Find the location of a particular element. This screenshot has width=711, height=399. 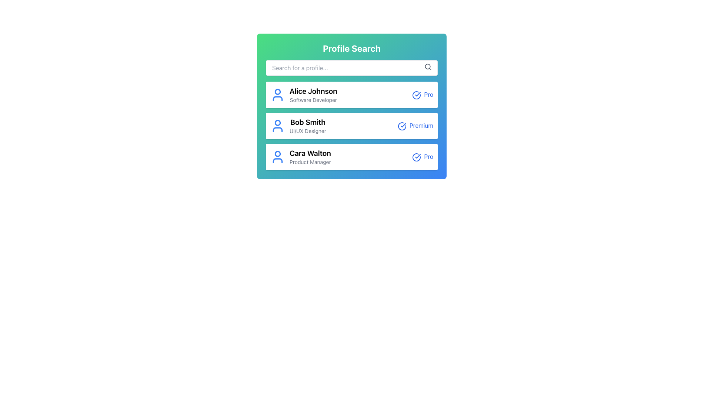

the search trigger icon located at the top-right corner of the rounded search bar in the 'Profile Search' interface is located at coordinates (428, 67).